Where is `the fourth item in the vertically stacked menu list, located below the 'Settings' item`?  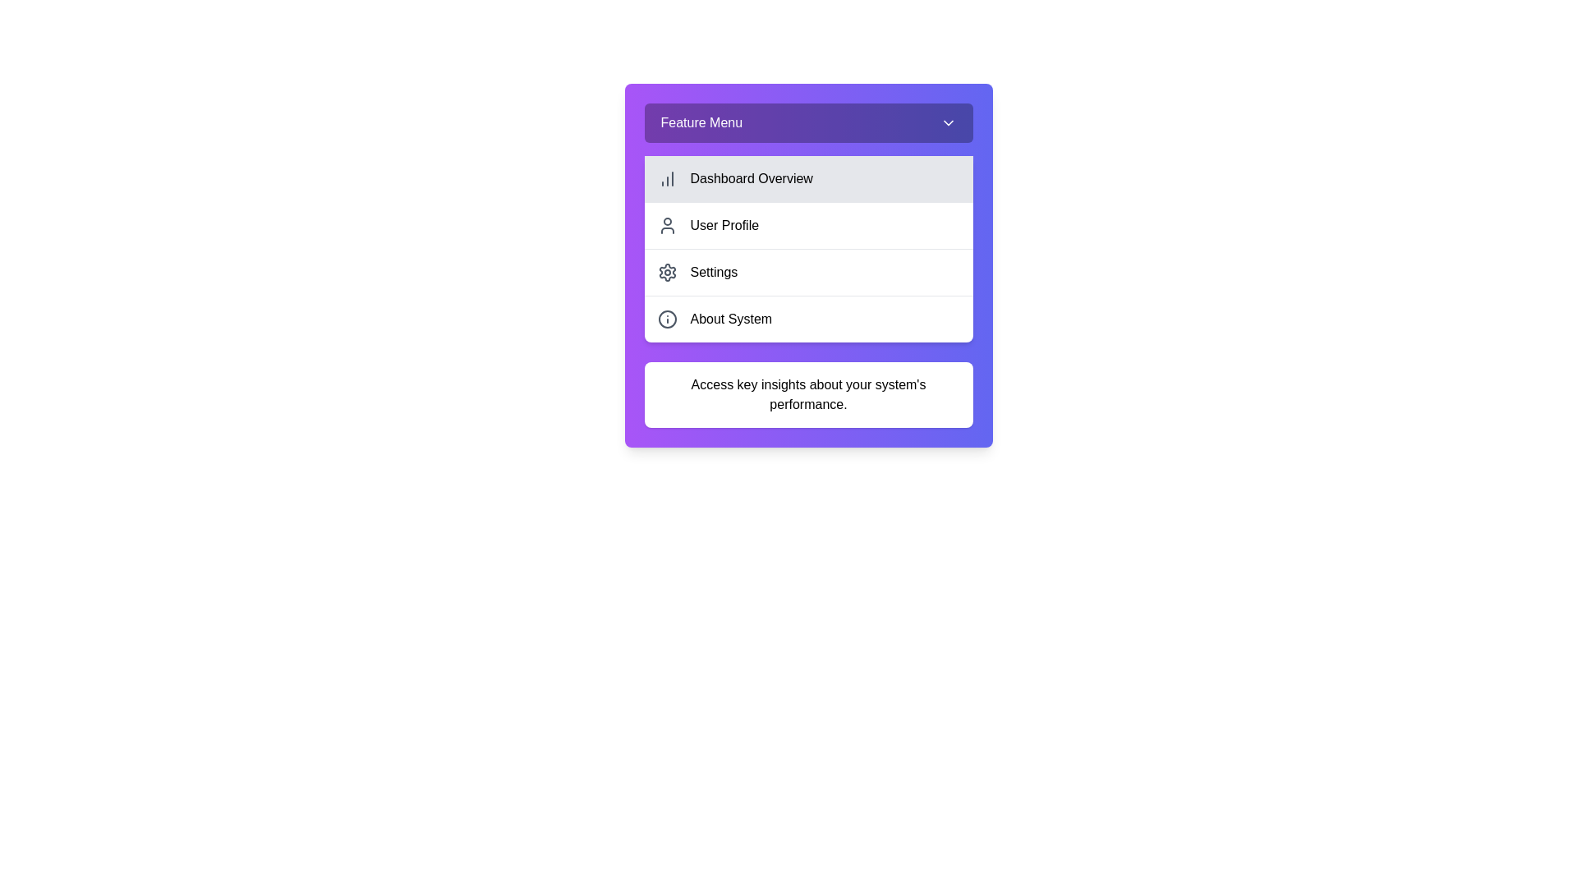 the fourth item in the vertically stacked menu list, located below the 'Settings' item is located at coordinates (808, 319).